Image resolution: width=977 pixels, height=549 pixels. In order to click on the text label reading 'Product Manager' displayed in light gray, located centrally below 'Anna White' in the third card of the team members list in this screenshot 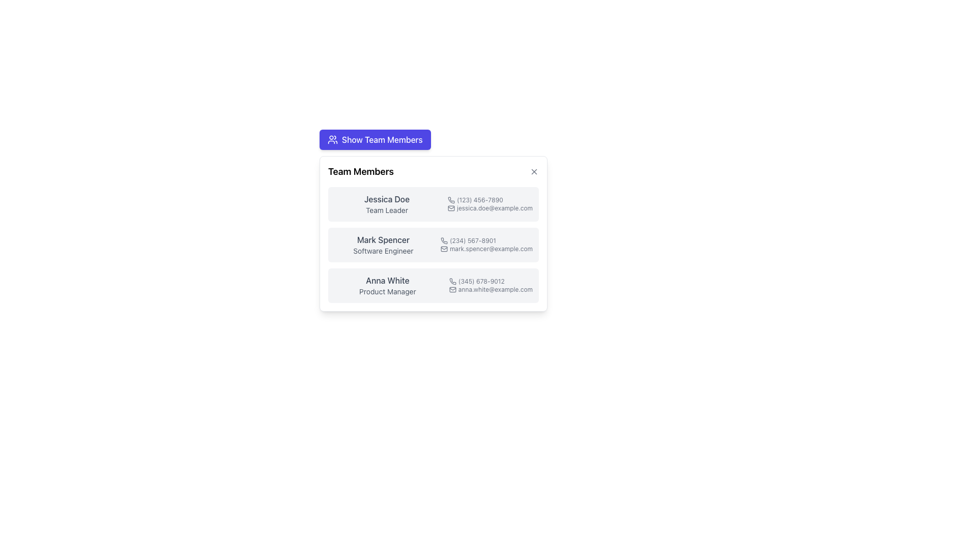, I will do `click(387, 292)`.